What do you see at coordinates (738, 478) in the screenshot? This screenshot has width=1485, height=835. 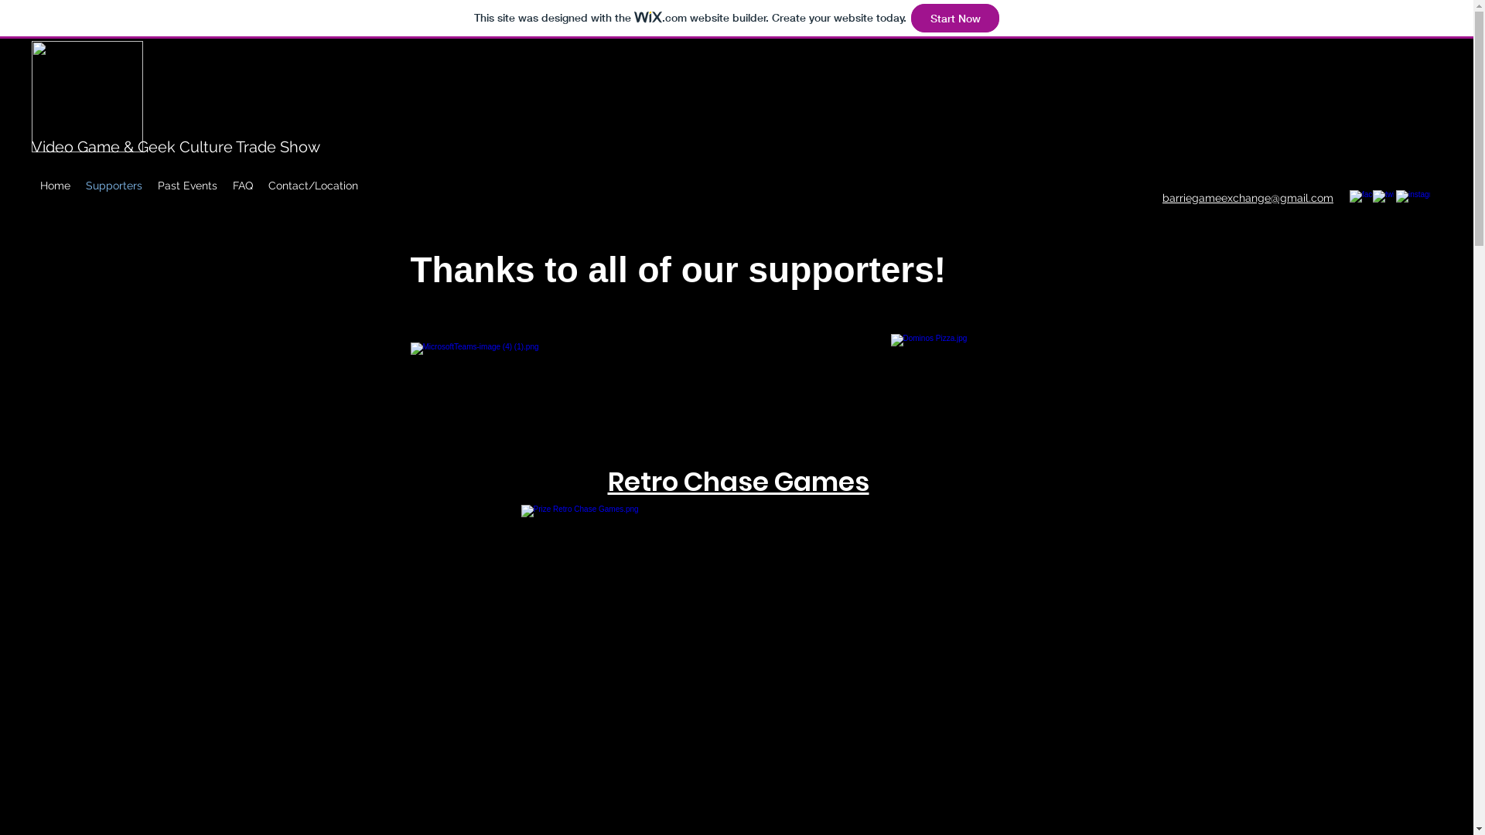 I see `'Retro Chase Games'` at bounding box center [738, 478].